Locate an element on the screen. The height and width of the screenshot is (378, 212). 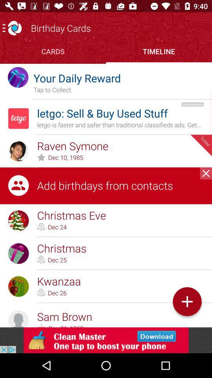
button is located at coordinates (206, 173).